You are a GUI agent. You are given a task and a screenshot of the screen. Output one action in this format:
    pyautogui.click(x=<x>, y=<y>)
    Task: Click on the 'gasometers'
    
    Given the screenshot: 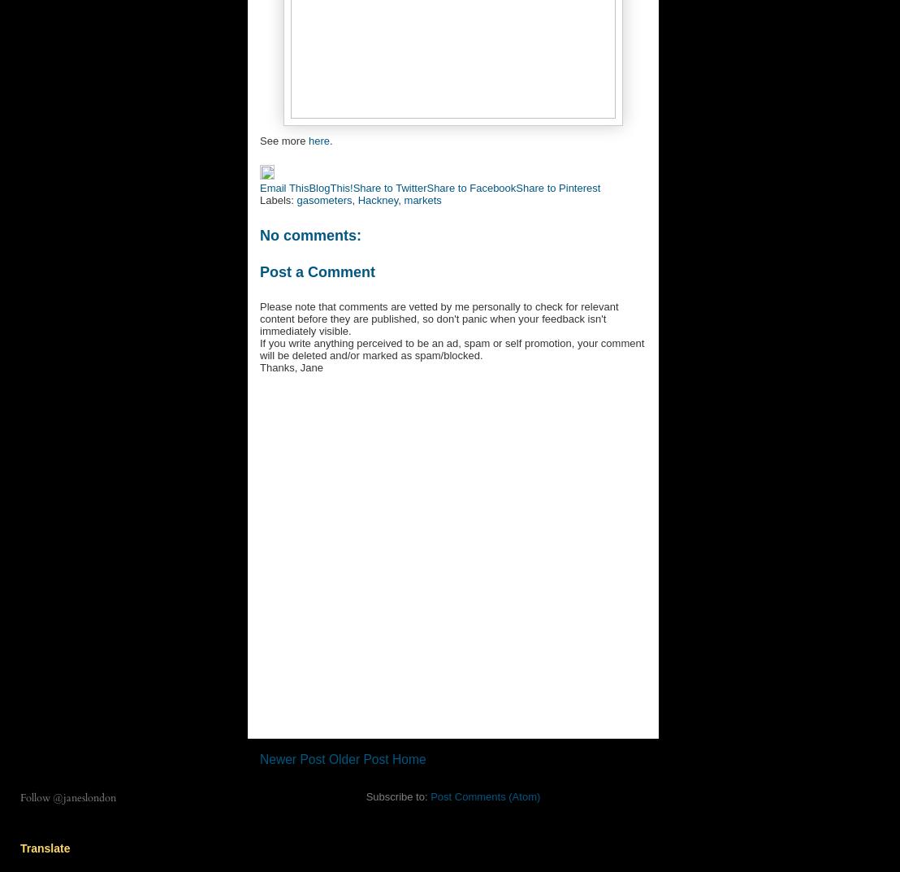 What is the action you would take?
    pyautogui.click(x=323, y=198)
    